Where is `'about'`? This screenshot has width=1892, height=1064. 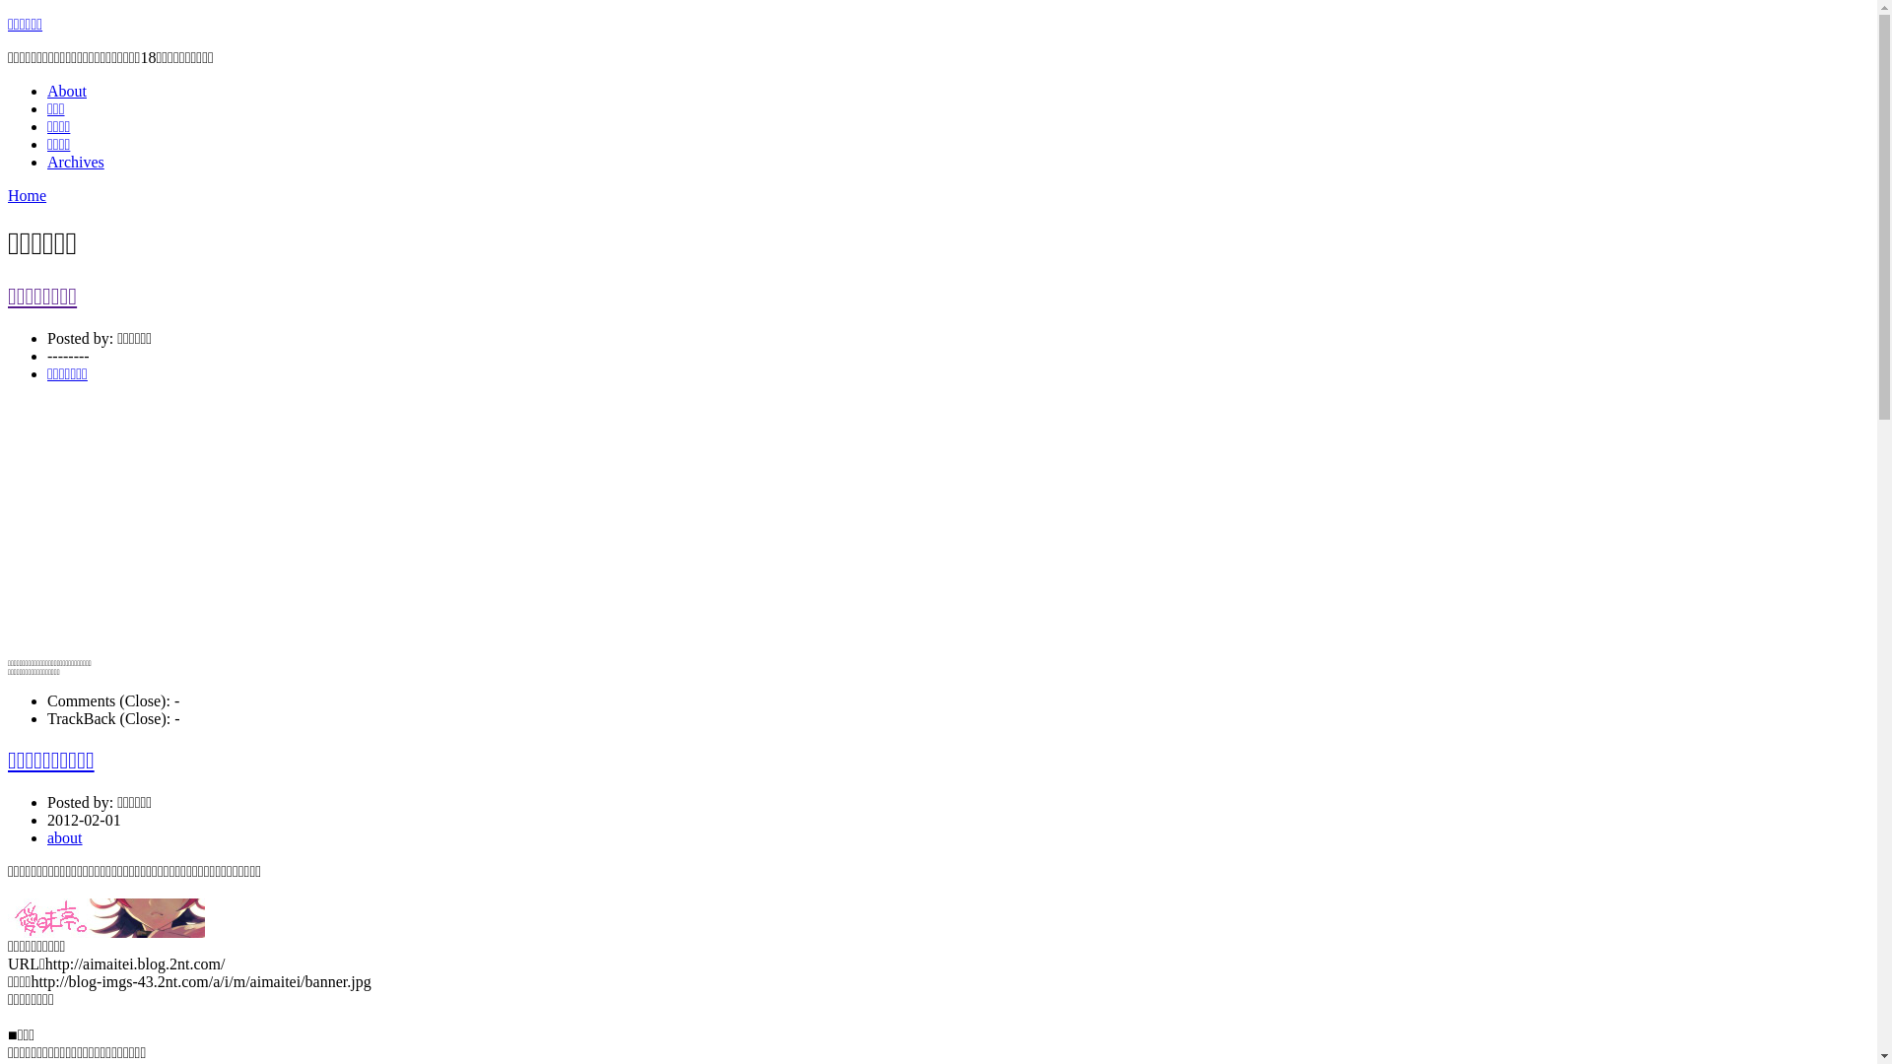
'about' is located at coordinates (65, 837).